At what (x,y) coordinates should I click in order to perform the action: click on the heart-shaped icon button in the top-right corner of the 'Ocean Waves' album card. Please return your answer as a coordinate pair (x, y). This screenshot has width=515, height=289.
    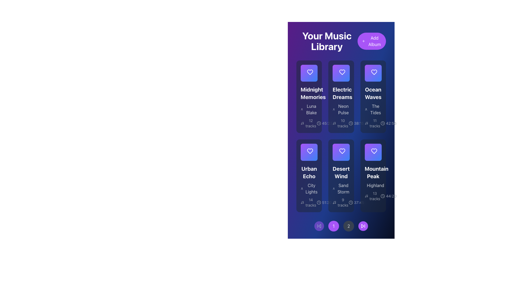
    Looking at the image, I should click on (374, 73).